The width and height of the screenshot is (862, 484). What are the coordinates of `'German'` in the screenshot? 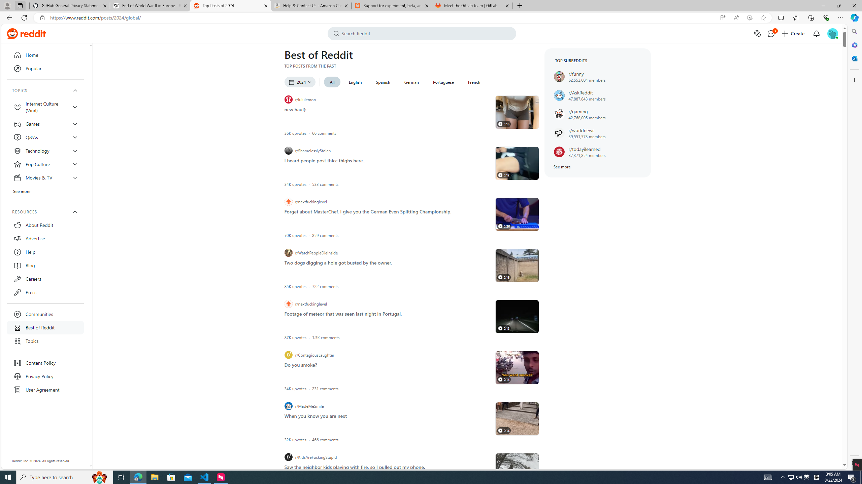 It's located at (411, 82).